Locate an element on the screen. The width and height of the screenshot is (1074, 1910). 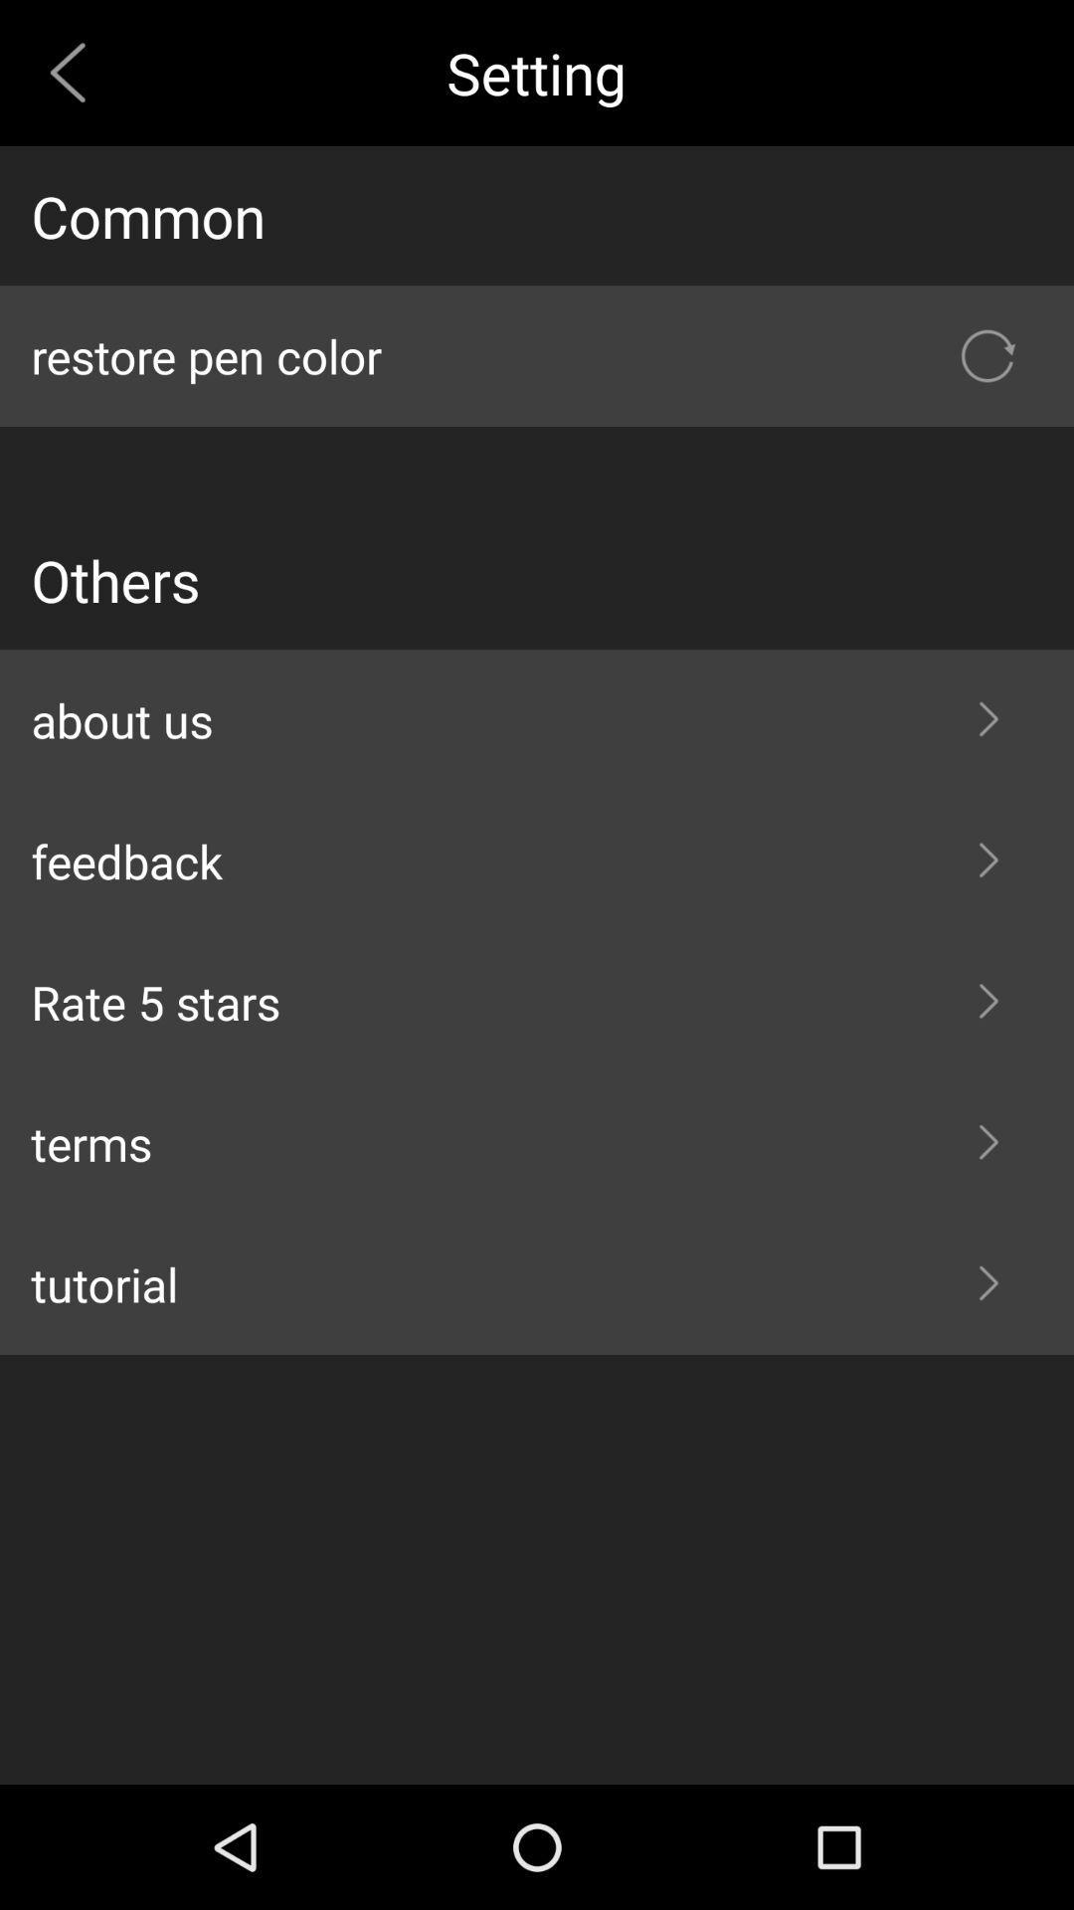
the item below common is located at coordinates (537, 356).